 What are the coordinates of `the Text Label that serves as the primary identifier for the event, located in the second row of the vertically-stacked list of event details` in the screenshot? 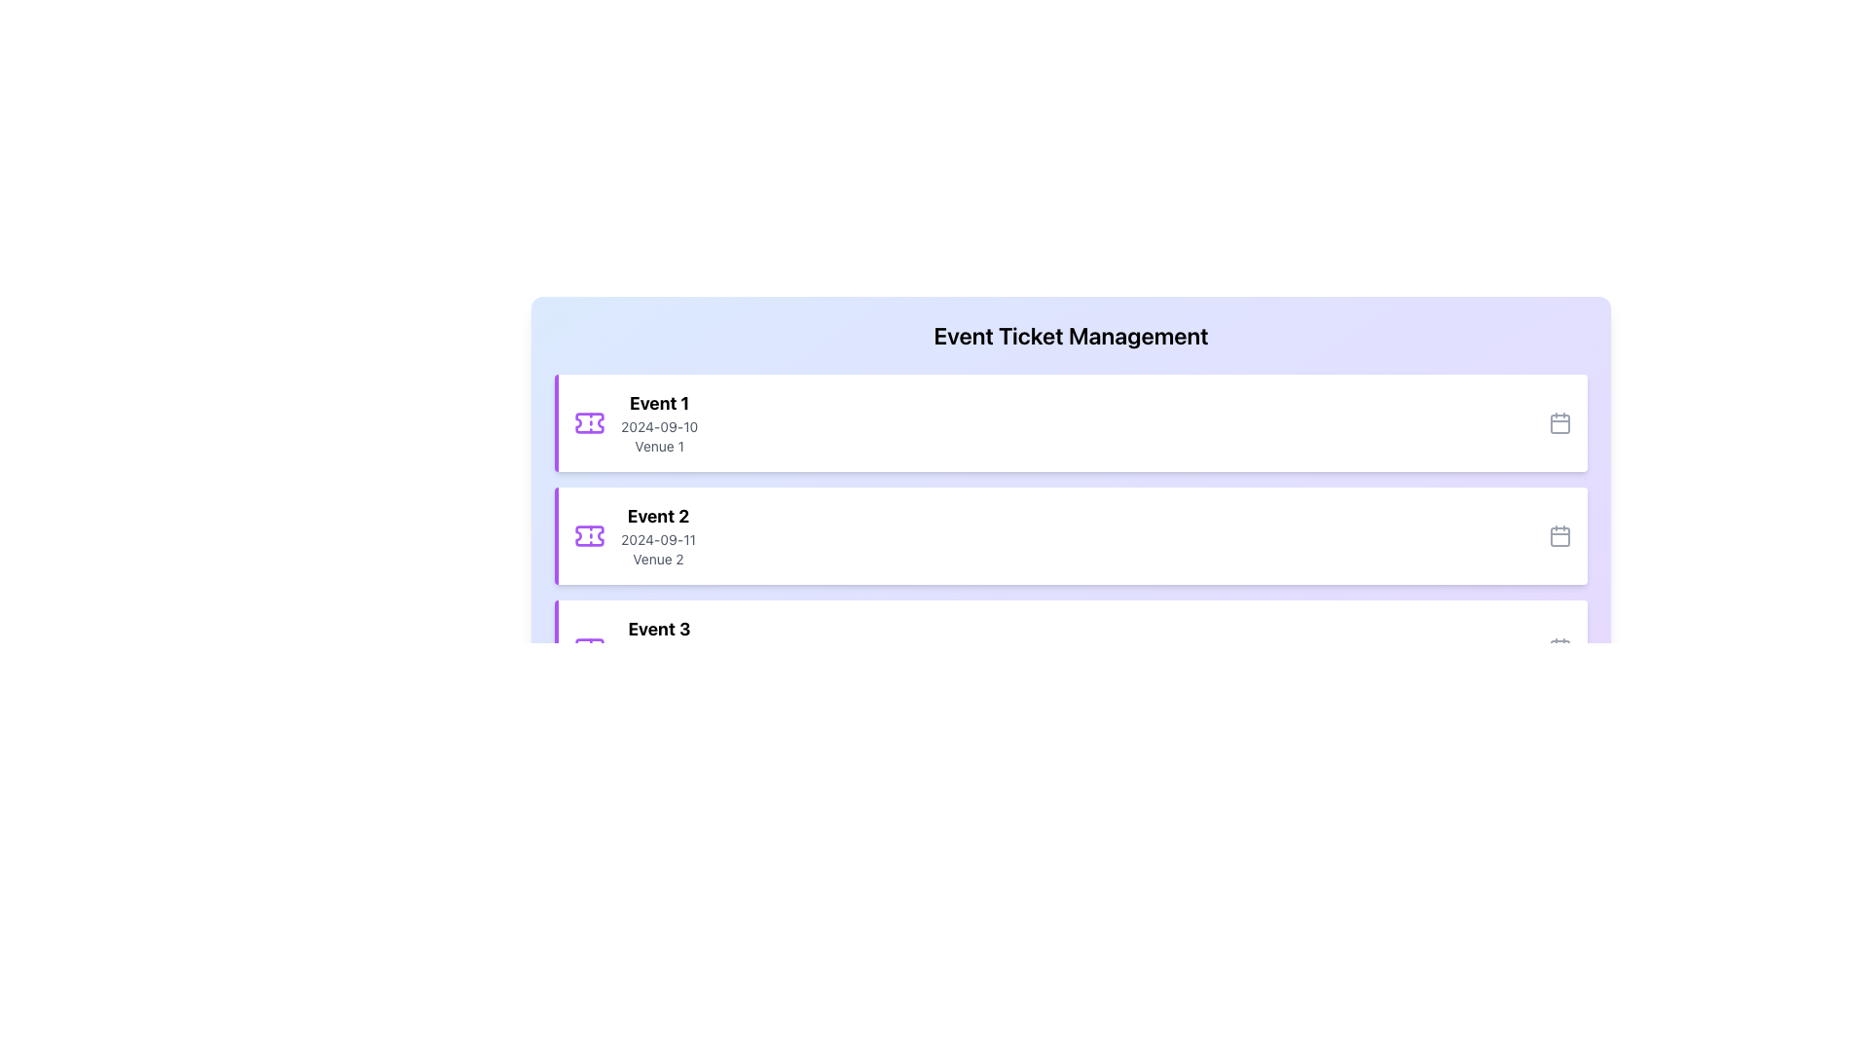 It's located at (658, 516).